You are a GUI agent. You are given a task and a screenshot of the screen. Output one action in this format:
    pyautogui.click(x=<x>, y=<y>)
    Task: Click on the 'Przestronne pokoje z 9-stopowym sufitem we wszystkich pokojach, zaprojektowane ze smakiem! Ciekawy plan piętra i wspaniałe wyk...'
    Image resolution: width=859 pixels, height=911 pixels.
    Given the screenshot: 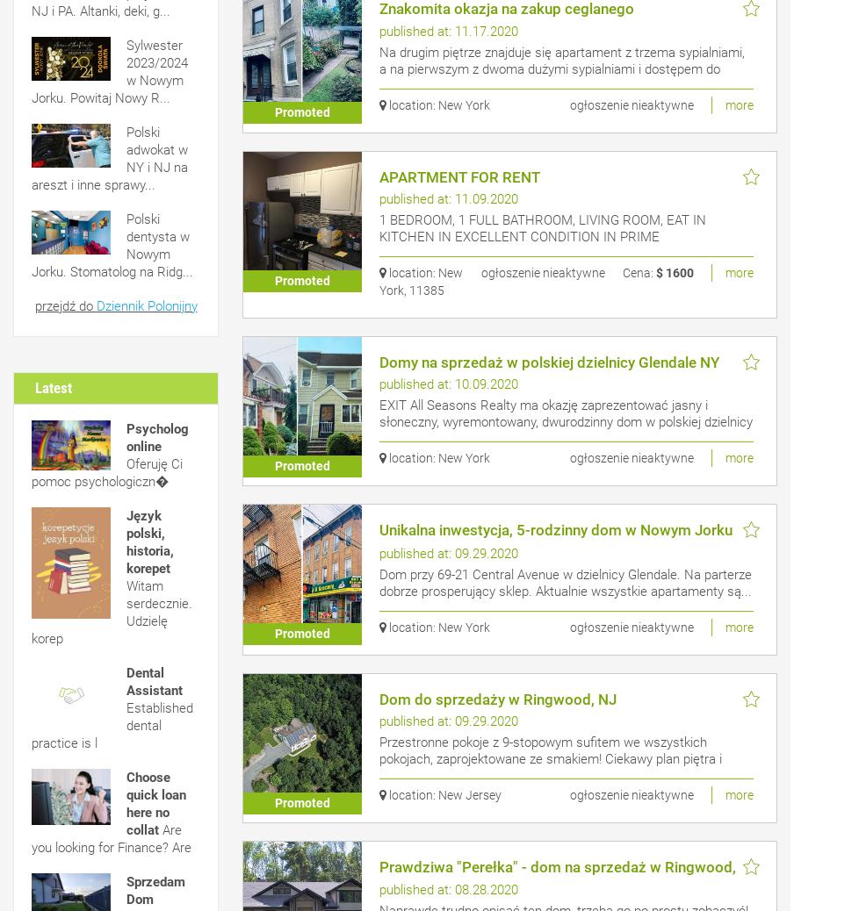 What is the action you would take?
    pyautogui.click(x=550, y=758)
    